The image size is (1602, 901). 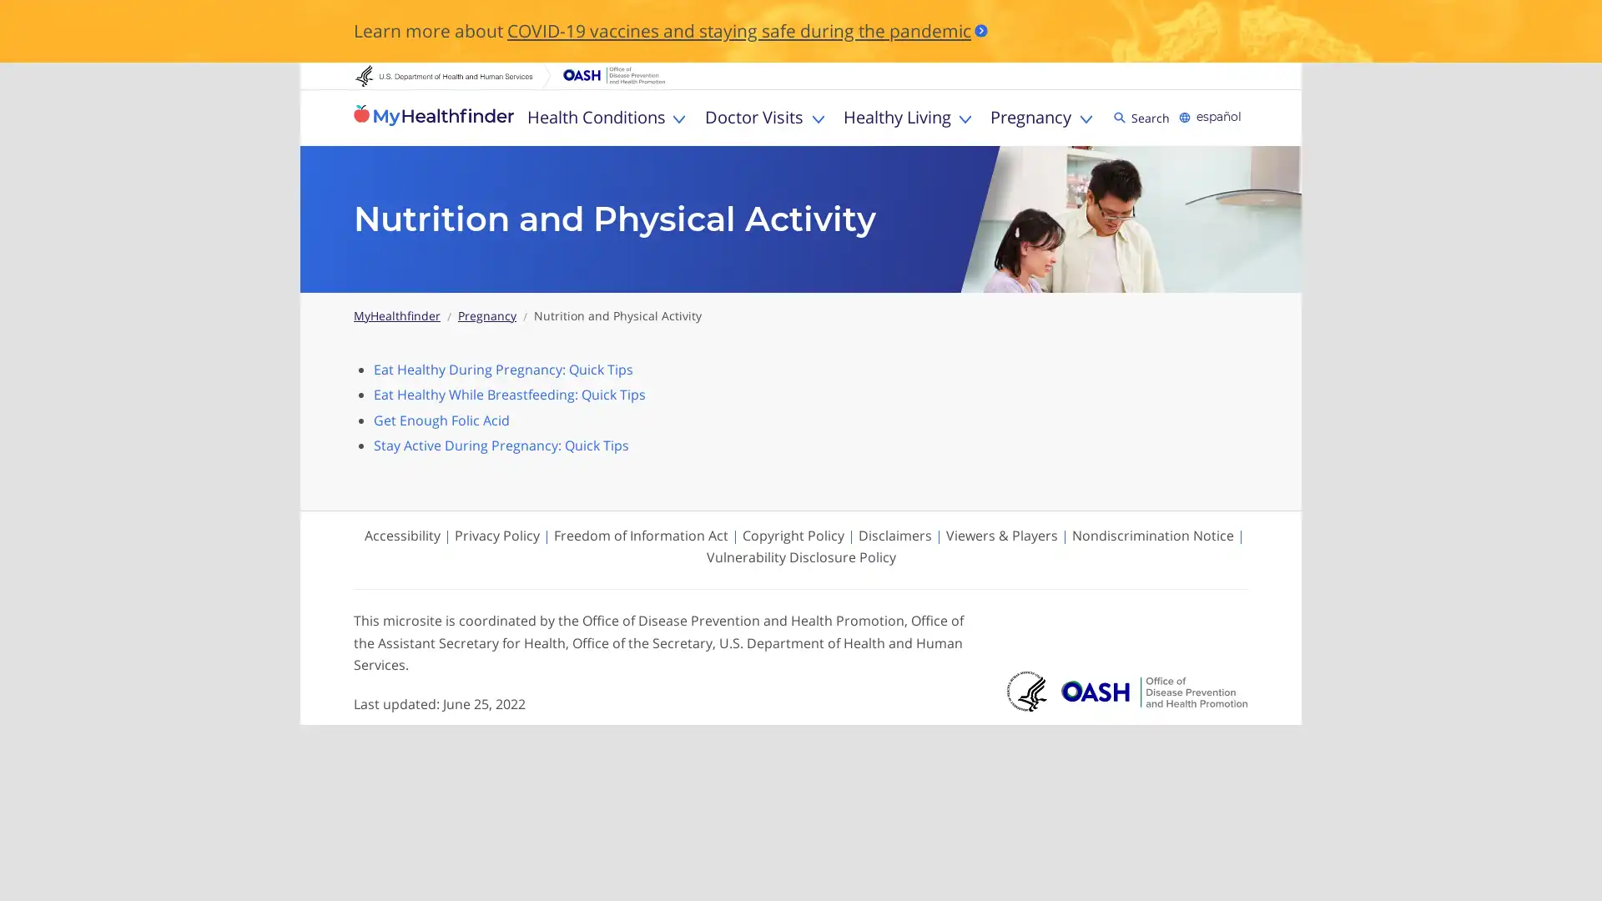 What do you see at coordinates (1086, 117) in the screenshot?
I see `Toggle Pregnancy sub menu` at bounding box center [1086, 117].